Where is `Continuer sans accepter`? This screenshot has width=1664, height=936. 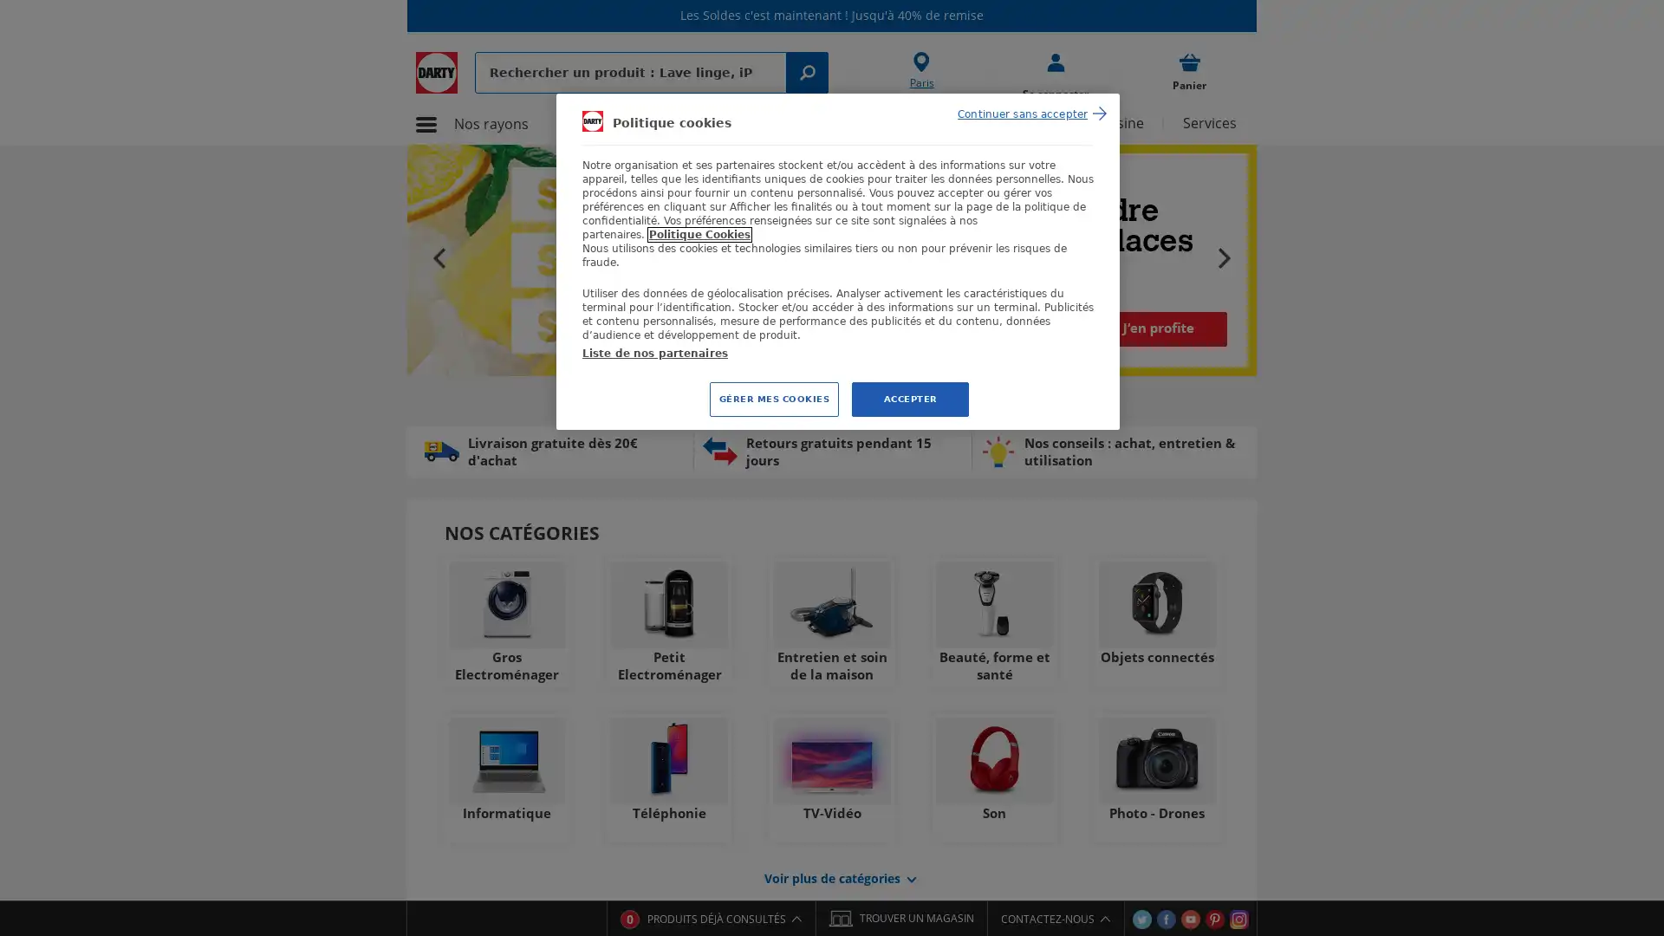 Continuer sans accepter is located at coordinates (1031, 115).